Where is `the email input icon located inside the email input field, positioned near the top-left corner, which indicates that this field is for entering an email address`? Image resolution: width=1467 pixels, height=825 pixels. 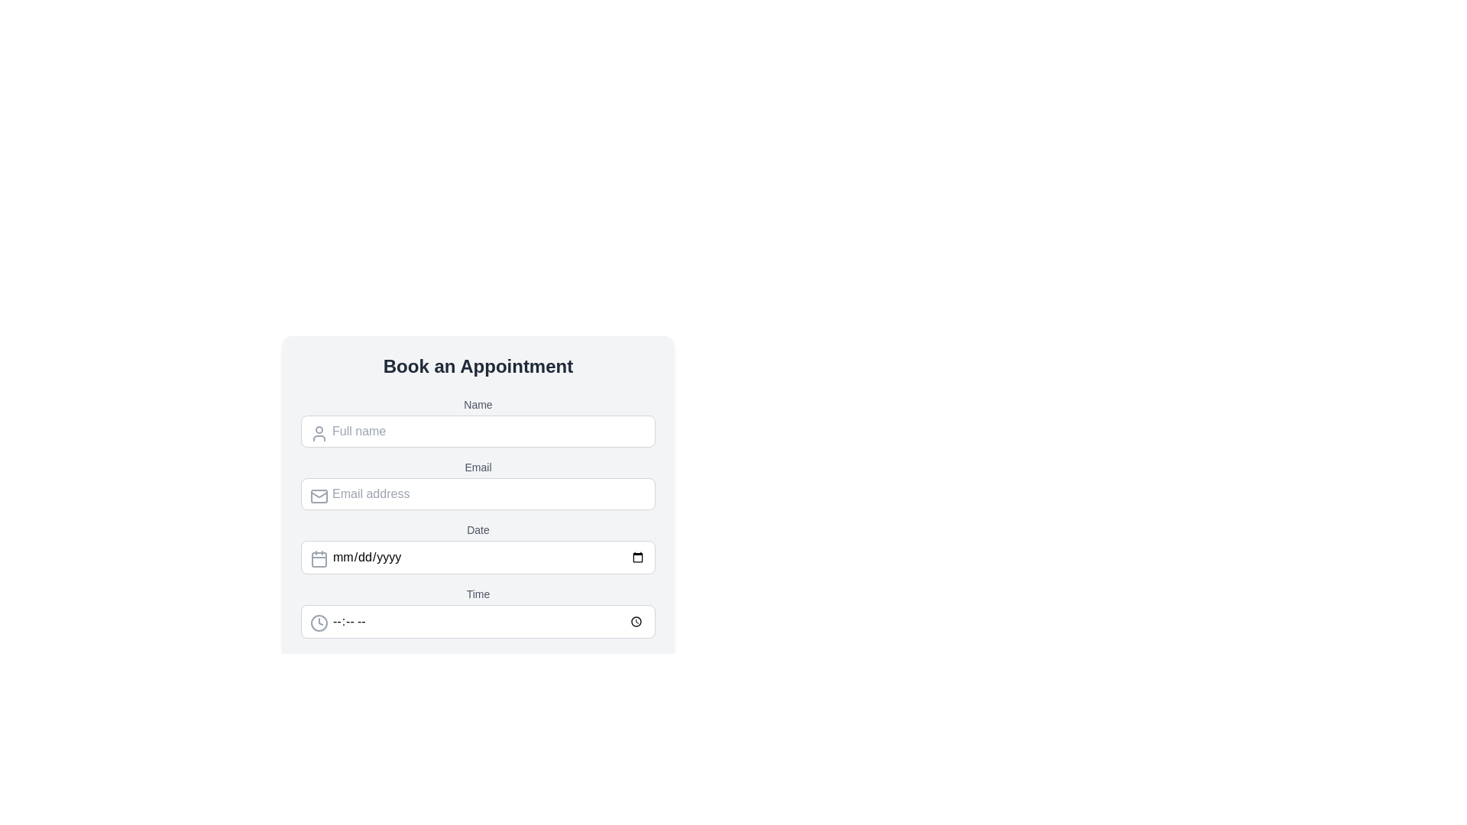
the email input icon located inside the email input field, positioned near the top-left corner, which indicates that this field is for entering an email address is located at coordinates (318, 497).